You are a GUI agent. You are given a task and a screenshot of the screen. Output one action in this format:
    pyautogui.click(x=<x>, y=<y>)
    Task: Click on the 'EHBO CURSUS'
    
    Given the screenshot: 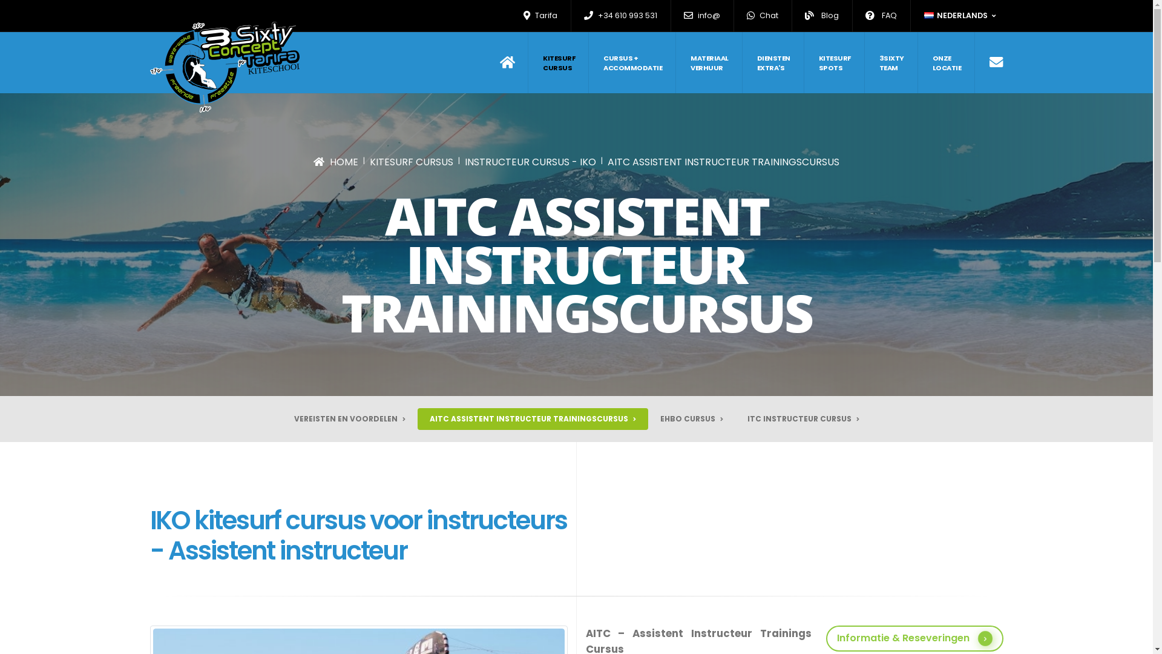 What is the action you would take?
    pyautogui.click(x=691, y=418)
    